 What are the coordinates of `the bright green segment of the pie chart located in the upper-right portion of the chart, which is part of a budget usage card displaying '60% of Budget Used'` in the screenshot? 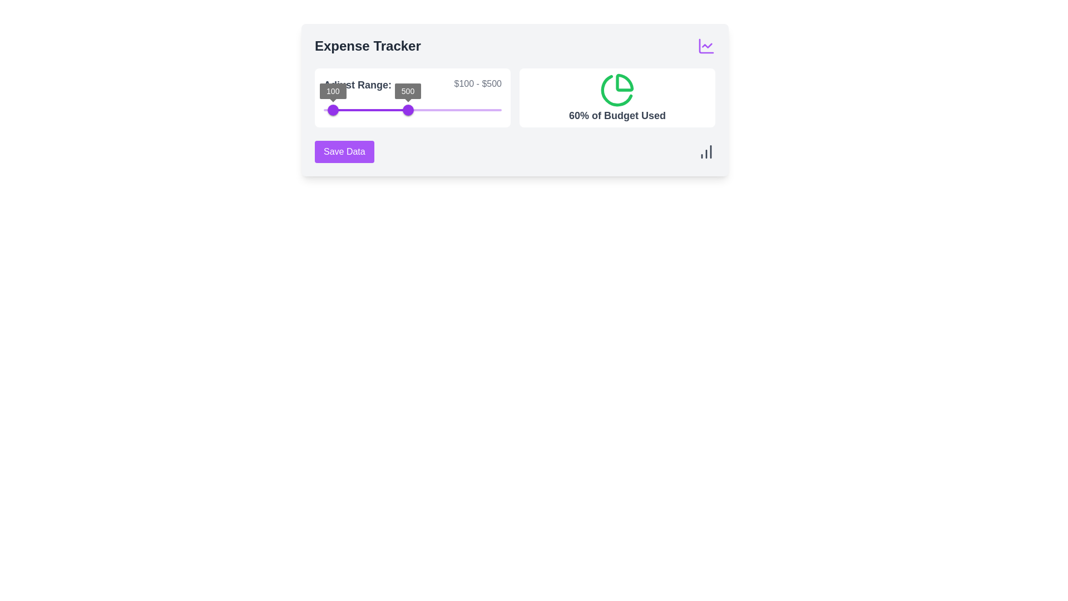 It's located at (625, 82).